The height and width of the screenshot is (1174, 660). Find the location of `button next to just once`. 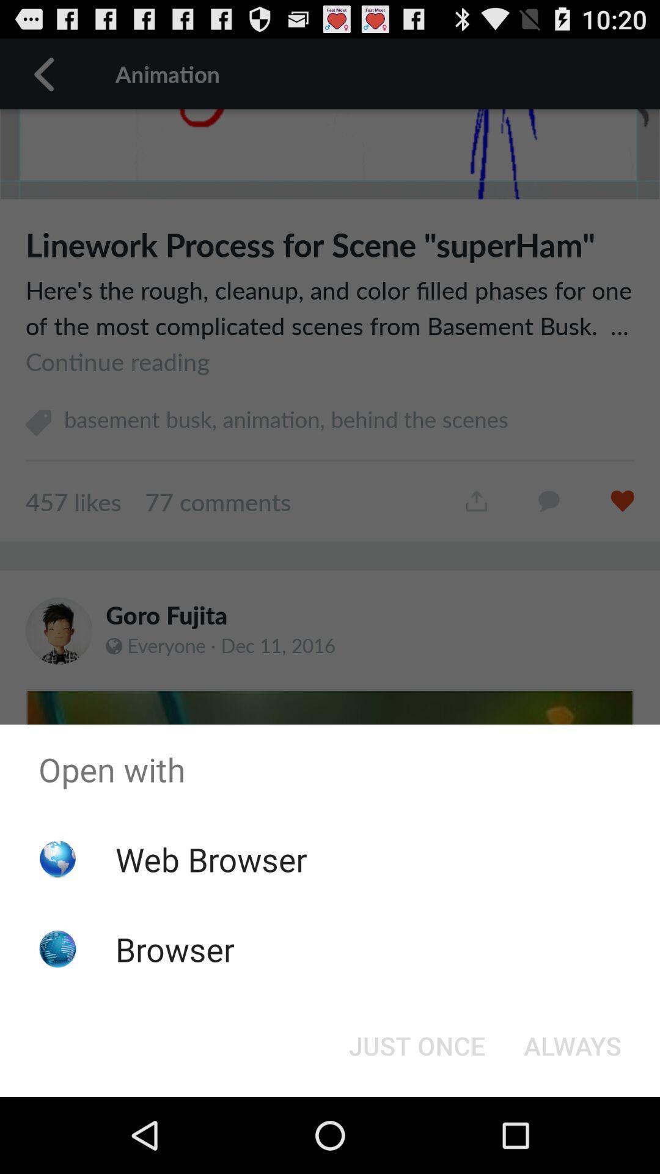

button next to just once is located at coordinates (573, 1044).